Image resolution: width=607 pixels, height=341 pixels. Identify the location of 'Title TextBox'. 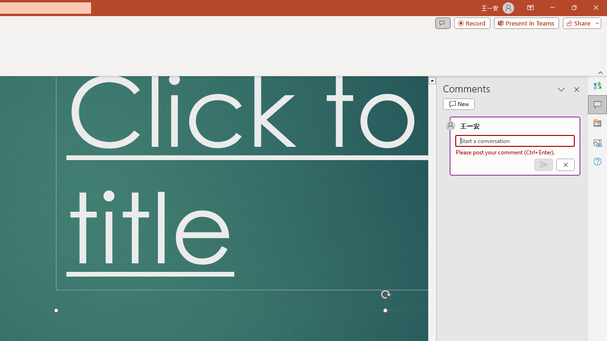
(242, 183).